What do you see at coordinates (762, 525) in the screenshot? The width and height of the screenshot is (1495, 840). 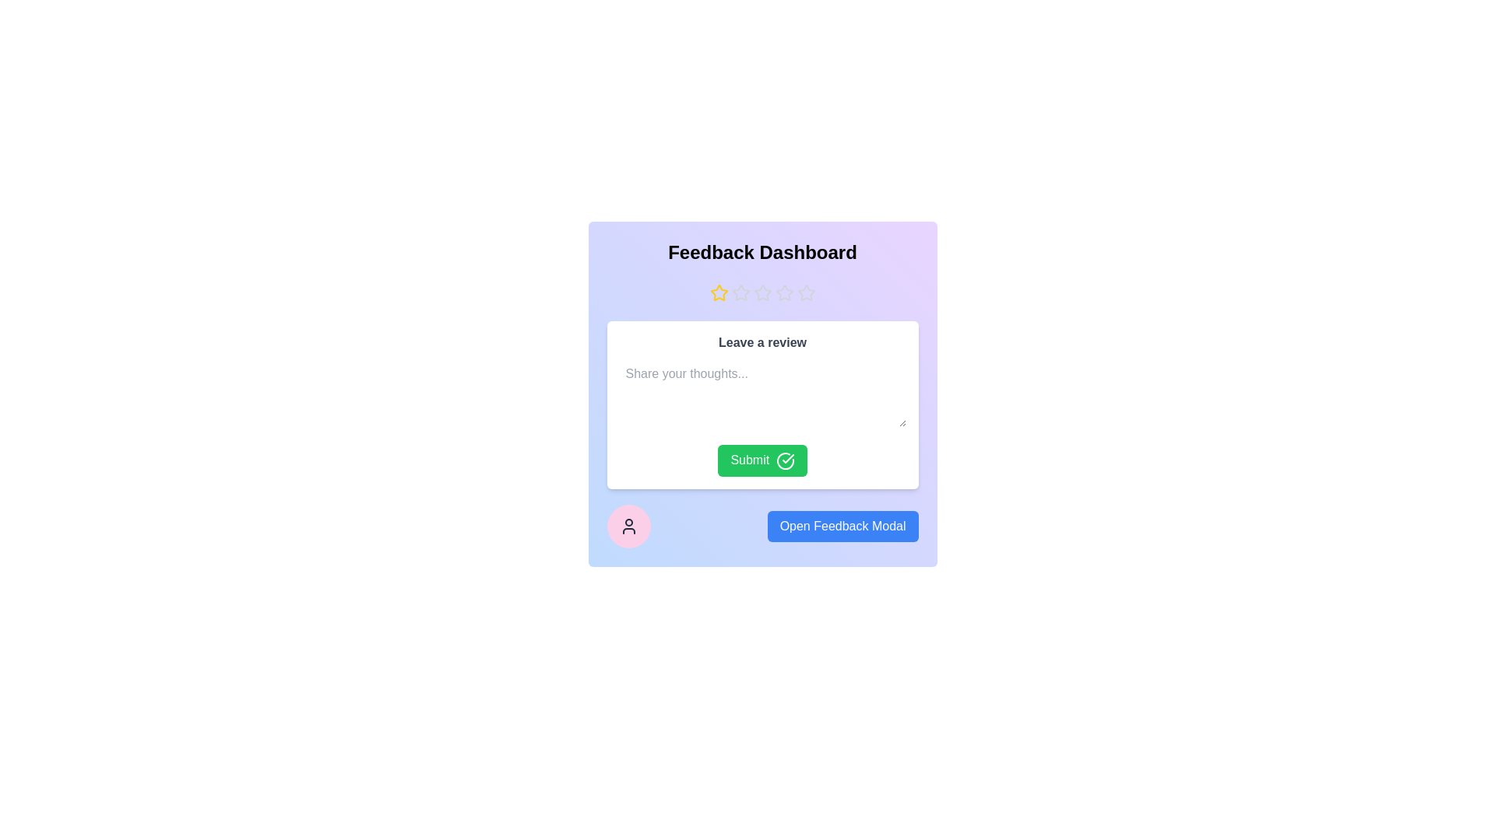 I see `the button labeled 'Open Feedback Modal' with a bright blue background` at bounding box center [762, 525].